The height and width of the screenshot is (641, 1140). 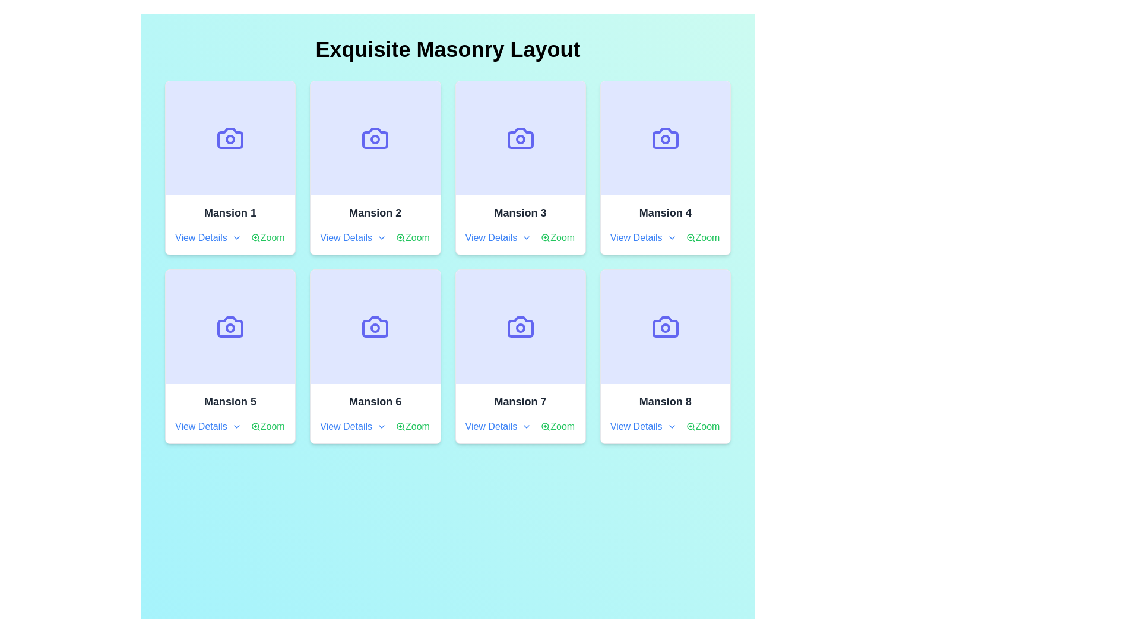 What do you see at coordinates (691, 238) in the screenshot?
I see `the zoom-in icon button (magnifying glass icon) located to the right of the 'Zoom' label within the 'Mansion 4' card and focus on it using the keyboard` at bounding box center [691, 238].